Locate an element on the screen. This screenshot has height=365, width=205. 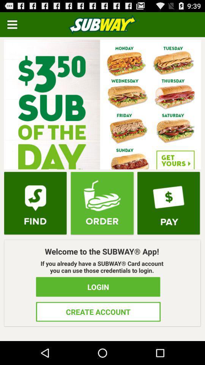
open offer is located at coordinates (102, 104).